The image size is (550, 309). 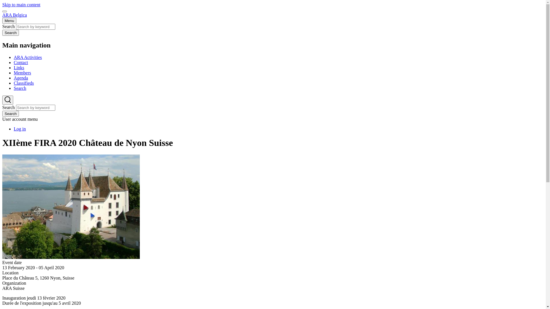 I want to click on 'Agenda', so click(x=21, y=78).